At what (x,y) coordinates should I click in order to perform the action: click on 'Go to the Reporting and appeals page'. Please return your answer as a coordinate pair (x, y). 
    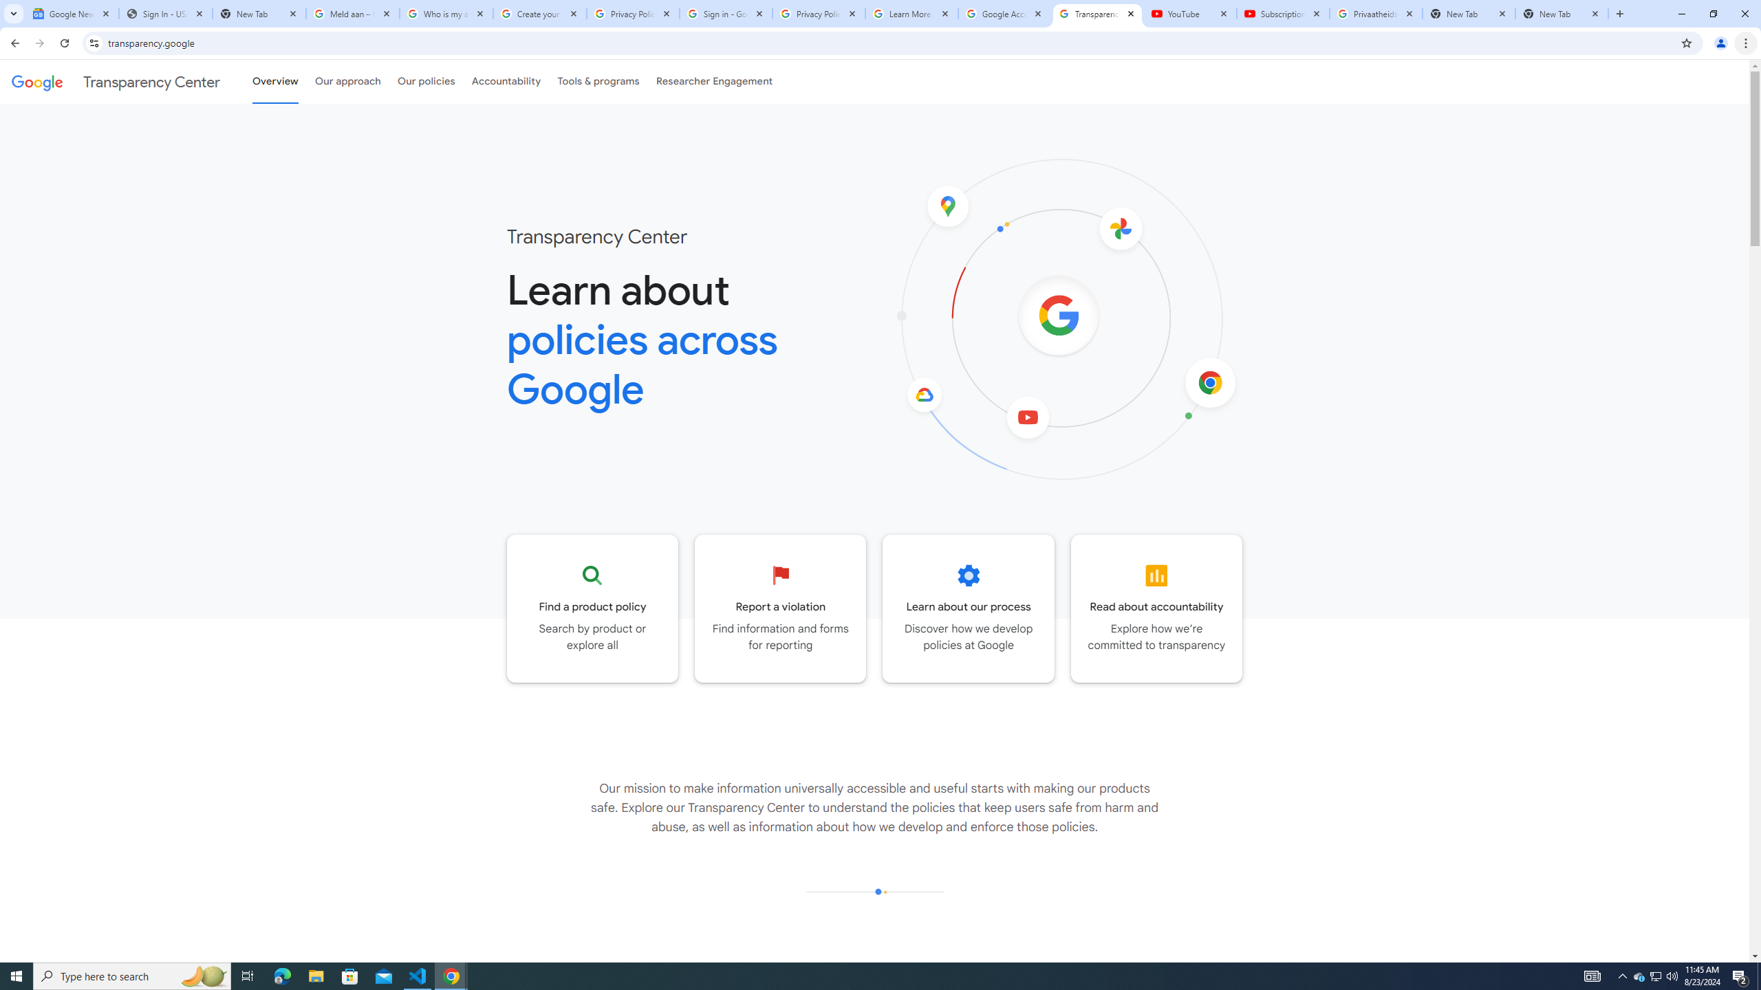
    Looking at the image, I should click on (780, 608).